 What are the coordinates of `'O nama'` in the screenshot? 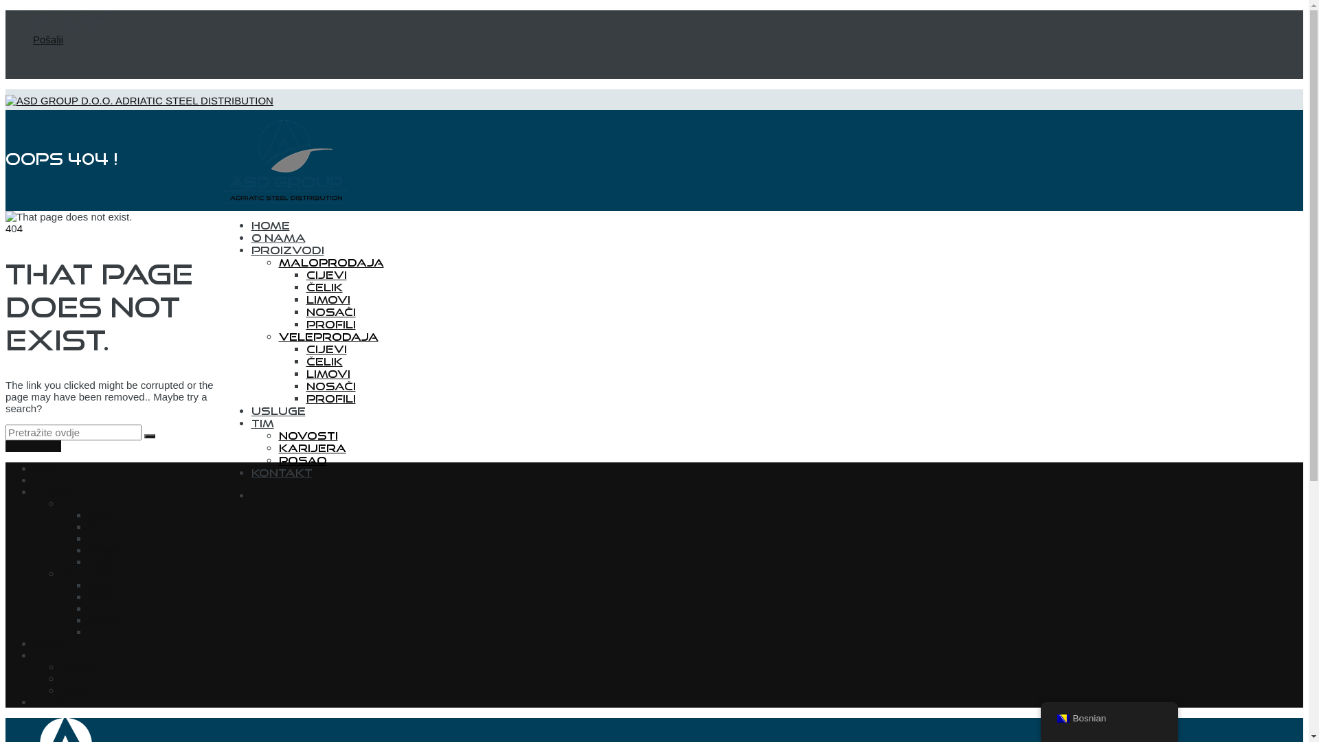 It's located at (51, 479).